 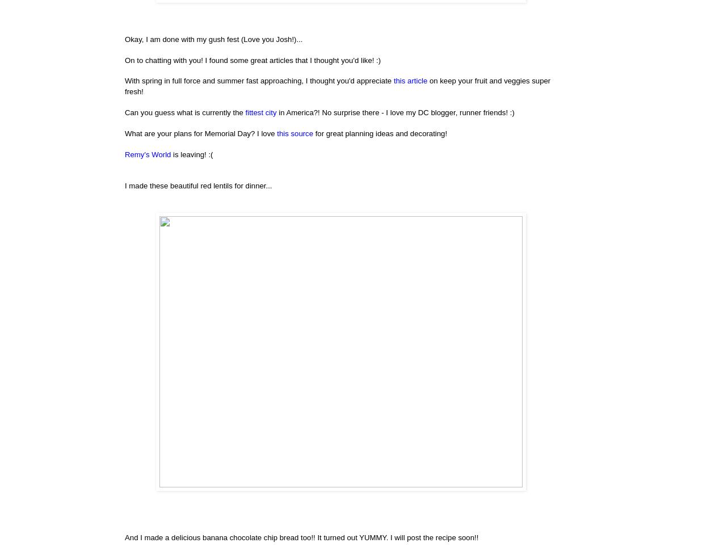 I want to click on 'Remy's World', so click(x=148, y=153).